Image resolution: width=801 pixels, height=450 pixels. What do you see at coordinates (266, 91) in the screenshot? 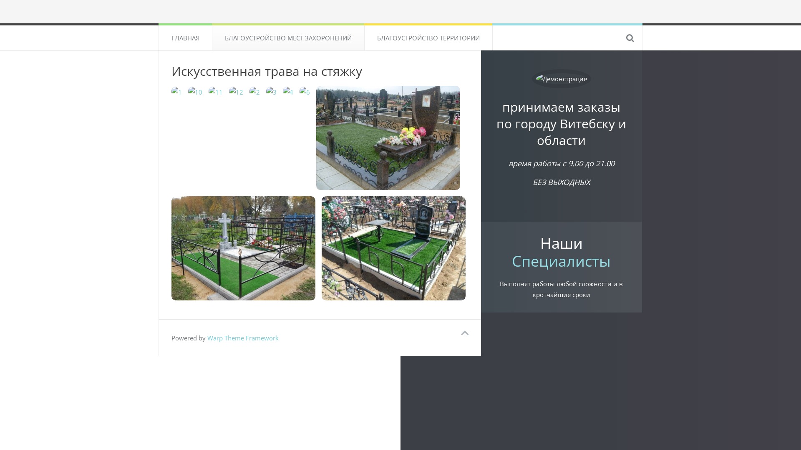
I see `'3'` at bounding box center [266, 91].